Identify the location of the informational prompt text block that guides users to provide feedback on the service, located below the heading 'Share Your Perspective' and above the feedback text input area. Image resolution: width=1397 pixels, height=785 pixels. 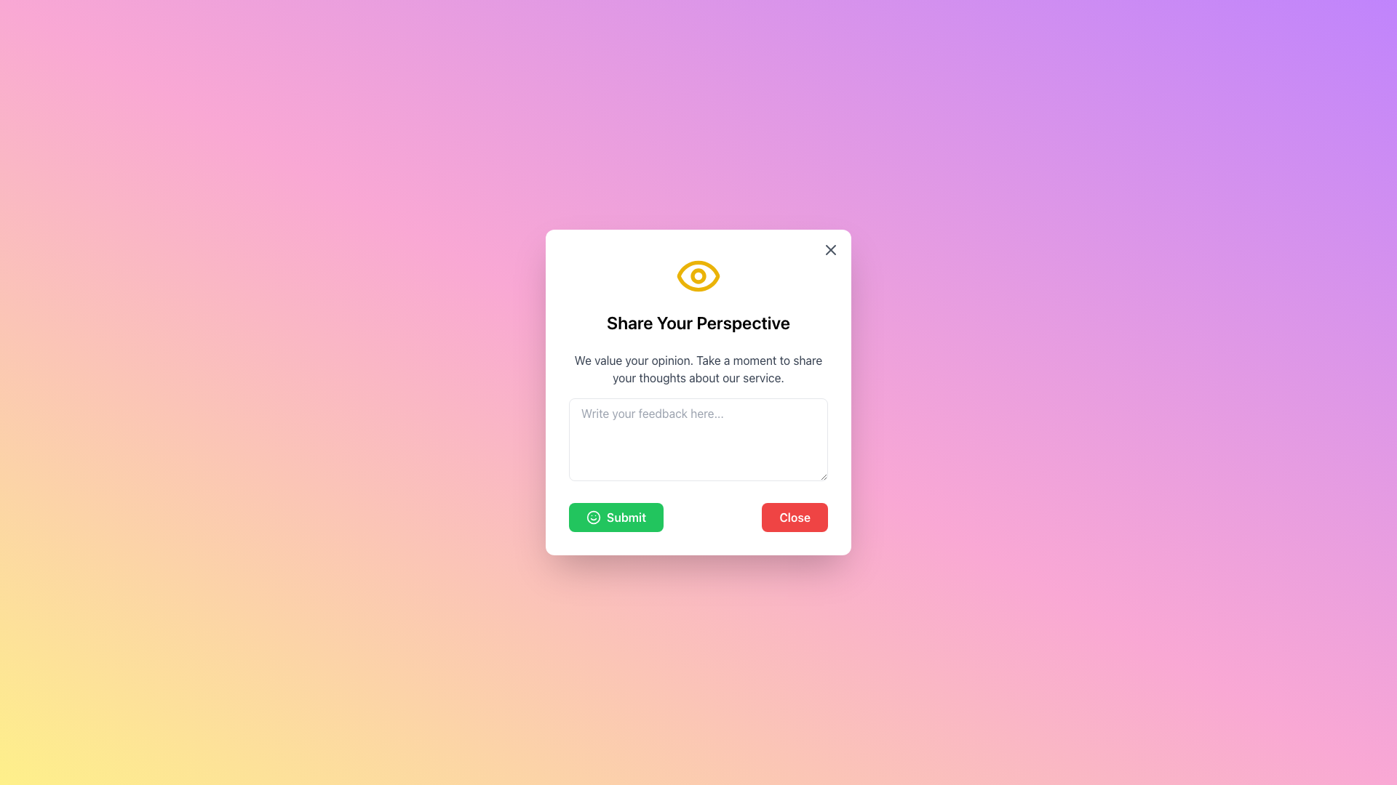
(698, 369).